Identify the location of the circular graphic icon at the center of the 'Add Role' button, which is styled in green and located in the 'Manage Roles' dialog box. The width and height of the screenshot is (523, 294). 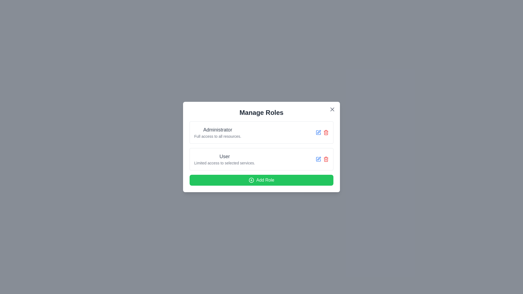
(251, 180).